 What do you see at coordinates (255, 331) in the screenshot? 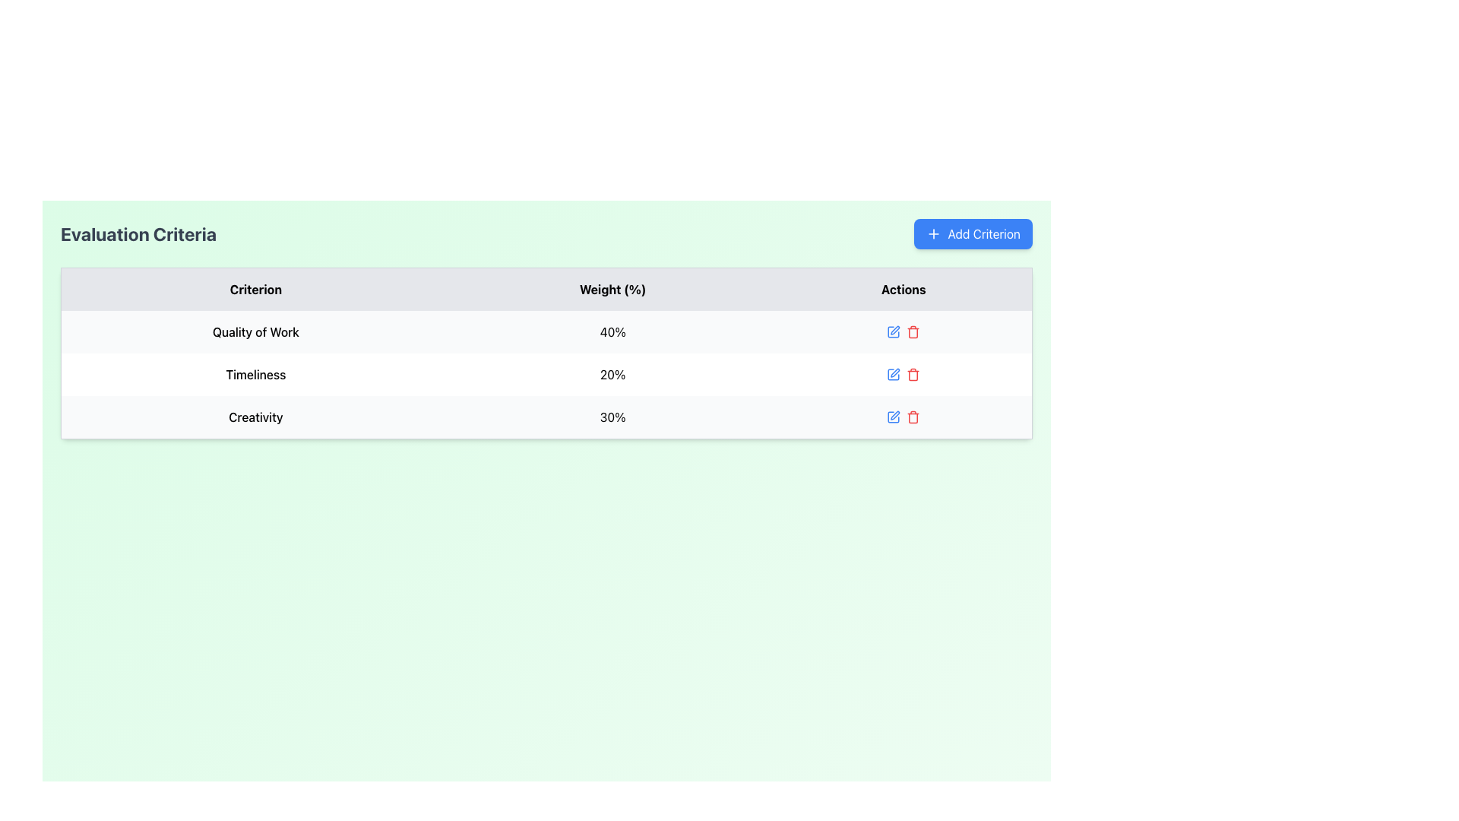
I see `the 'Quality of Work' text label, which is a black, center-aligned label located at the leftmost position of its row under the 'Criterion' heading` at bounding box center [255, 331].